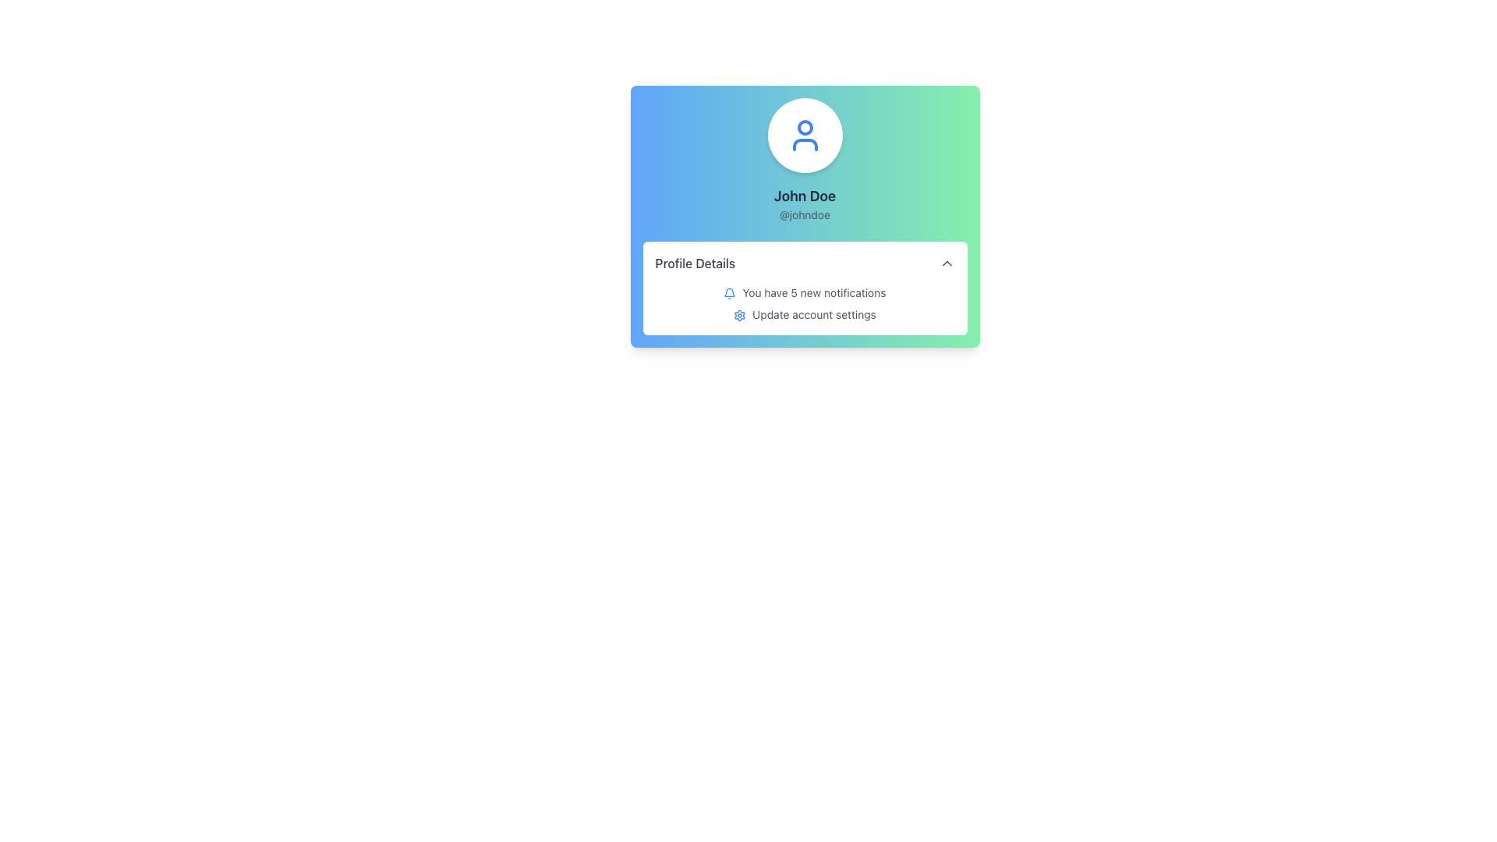 This screenshot has width=1497, height=842. What do you see at coordinates (805, 134) in the screenshot?
I see `the circular user profile icon located at the top center of the card, which is visually represented as an avatar placeholder` at bounding box center [805, 134].